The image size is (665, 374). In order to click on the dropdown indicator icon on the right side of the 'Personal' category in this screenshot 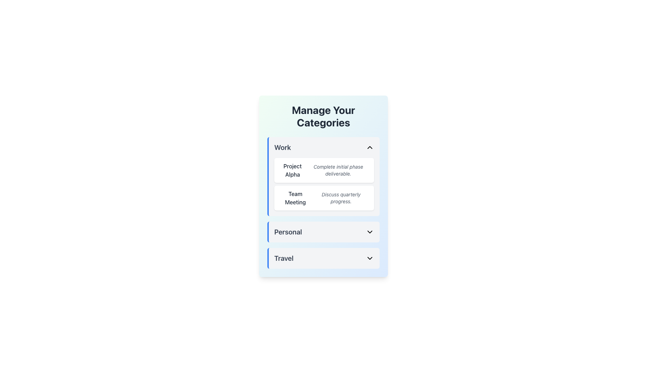, I will do `click(370, 232)`.